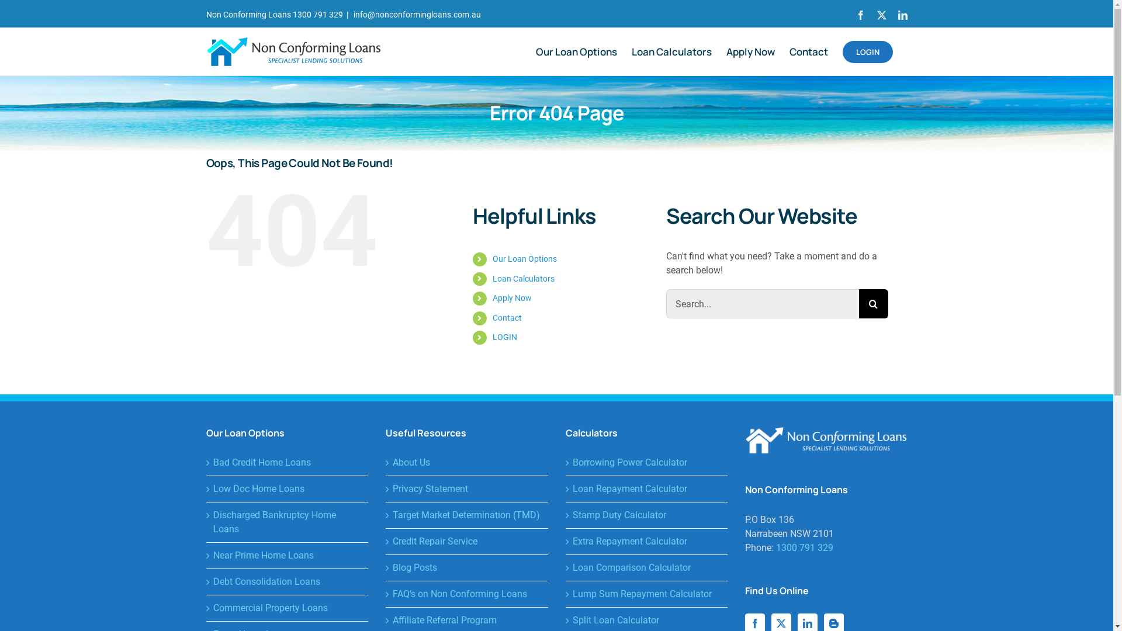  Describe the element at coordinates (416, 14) in the screenshot. I see `'info@nonconformingloans.com.au'` at that location.